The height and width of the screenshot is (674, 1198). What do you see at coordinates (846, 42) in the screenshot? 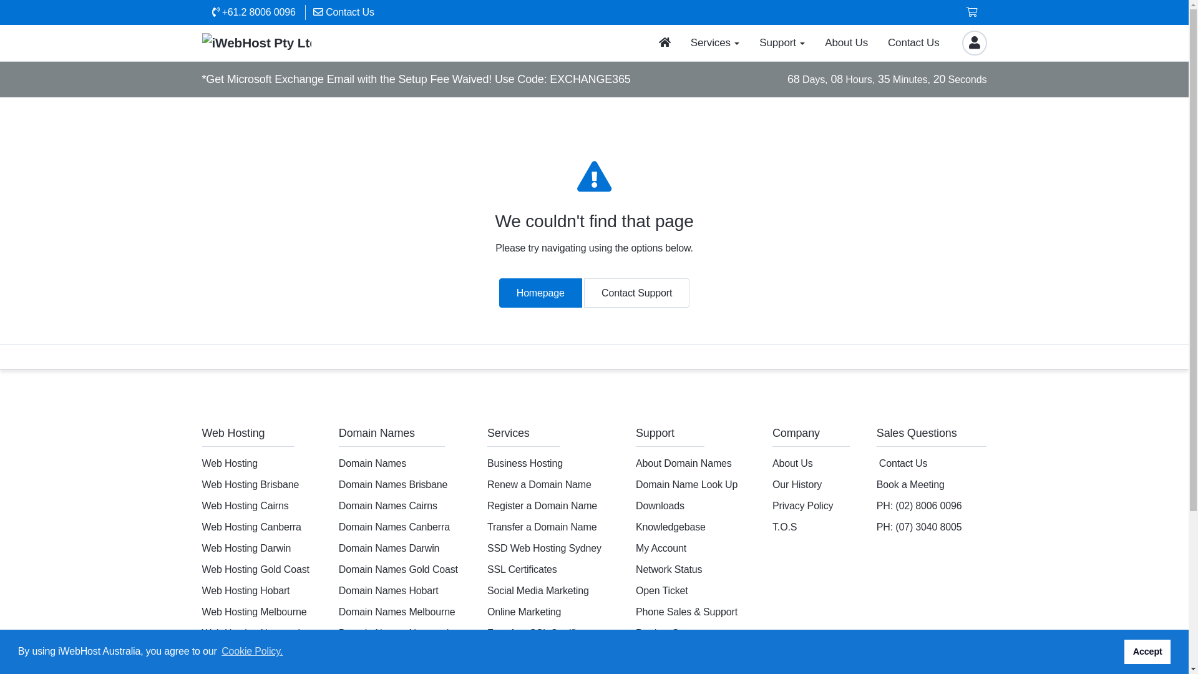
I see `'About Us'` at bounding box center [846, 42].